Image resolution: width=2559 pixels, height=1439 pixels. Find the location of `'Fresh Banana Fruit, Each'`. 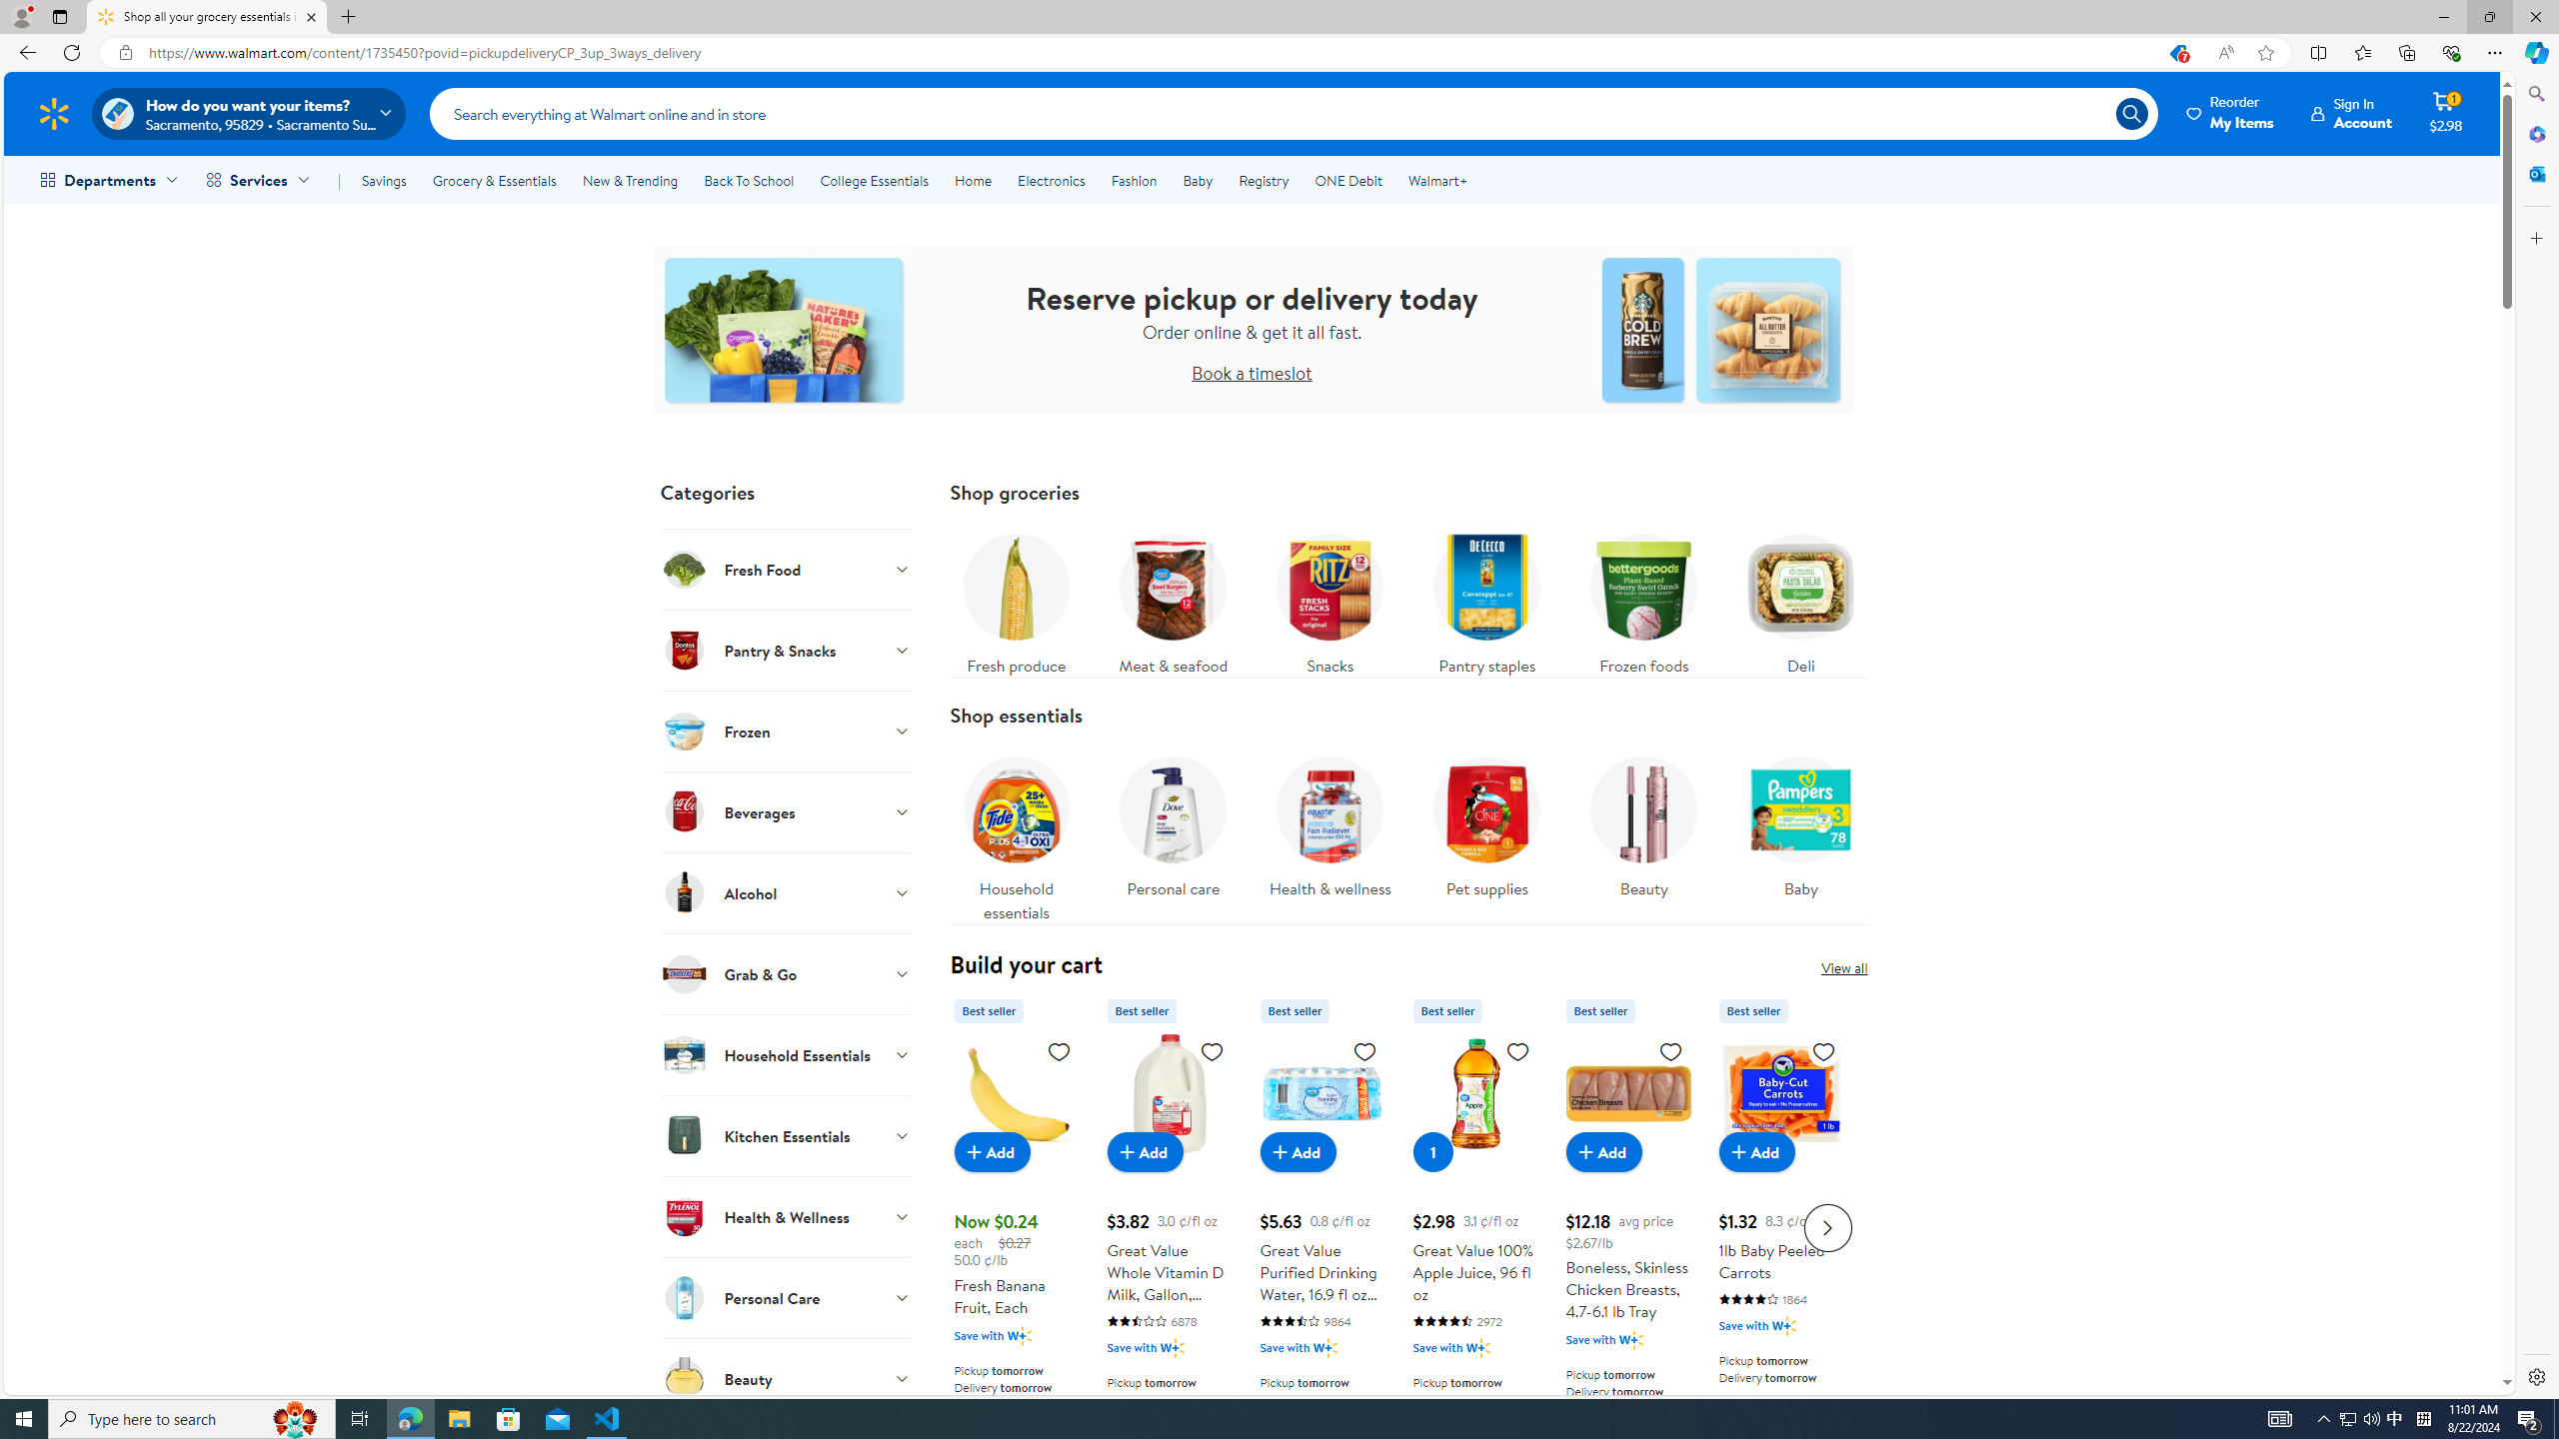

'Fresh Banana Fruit, Each' is located at coordinates (1016, 1224).